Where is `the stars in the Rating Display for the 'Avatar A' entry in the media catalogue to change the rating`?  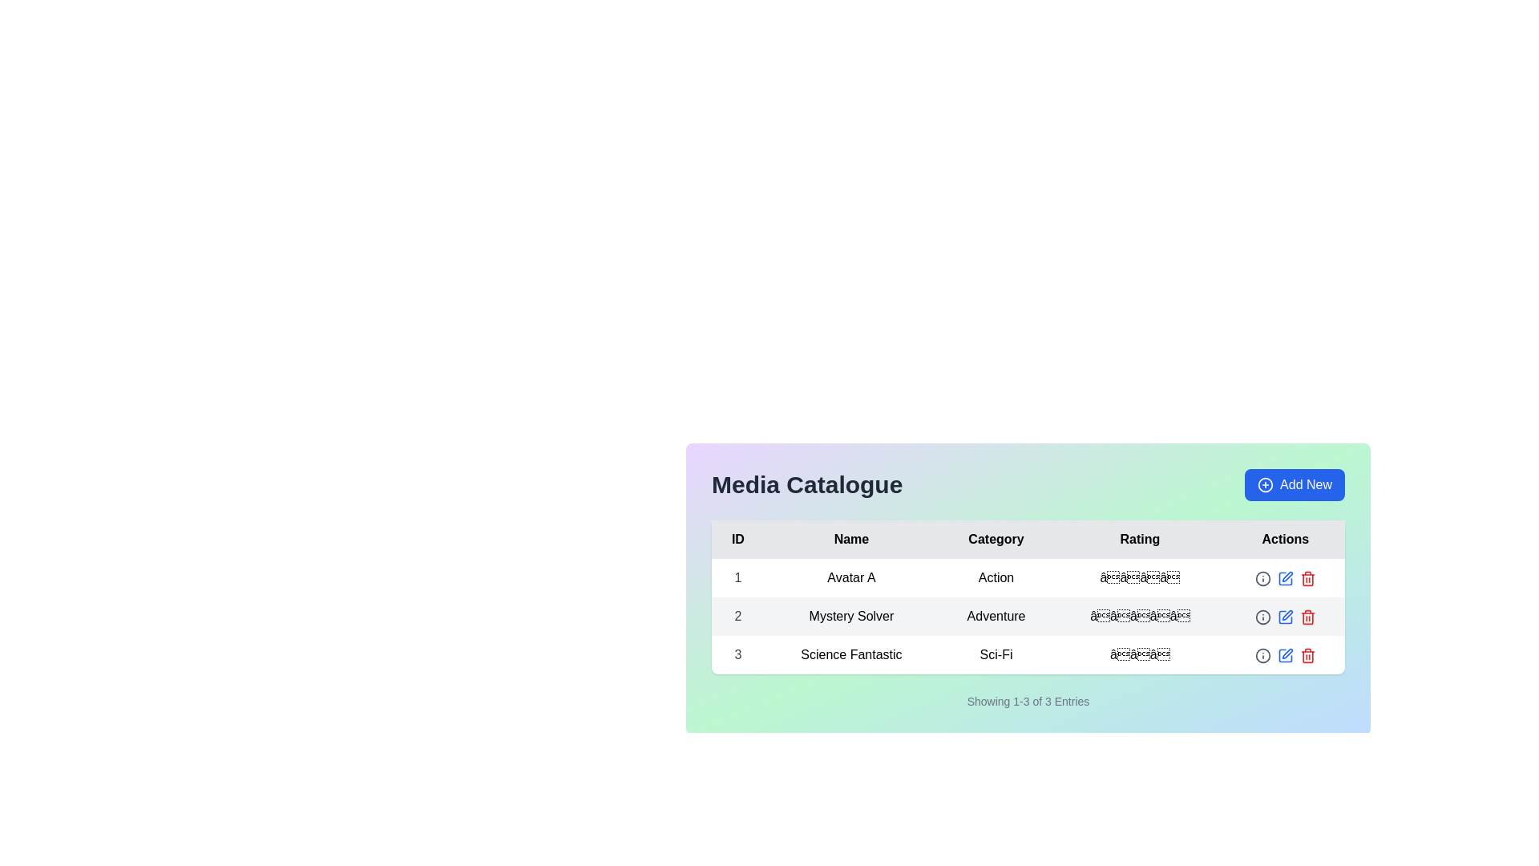
the stars in the Rating Display for the 'Avatar A' entry in the media catalogue to change the rating is located at coordinates (1139, 578).